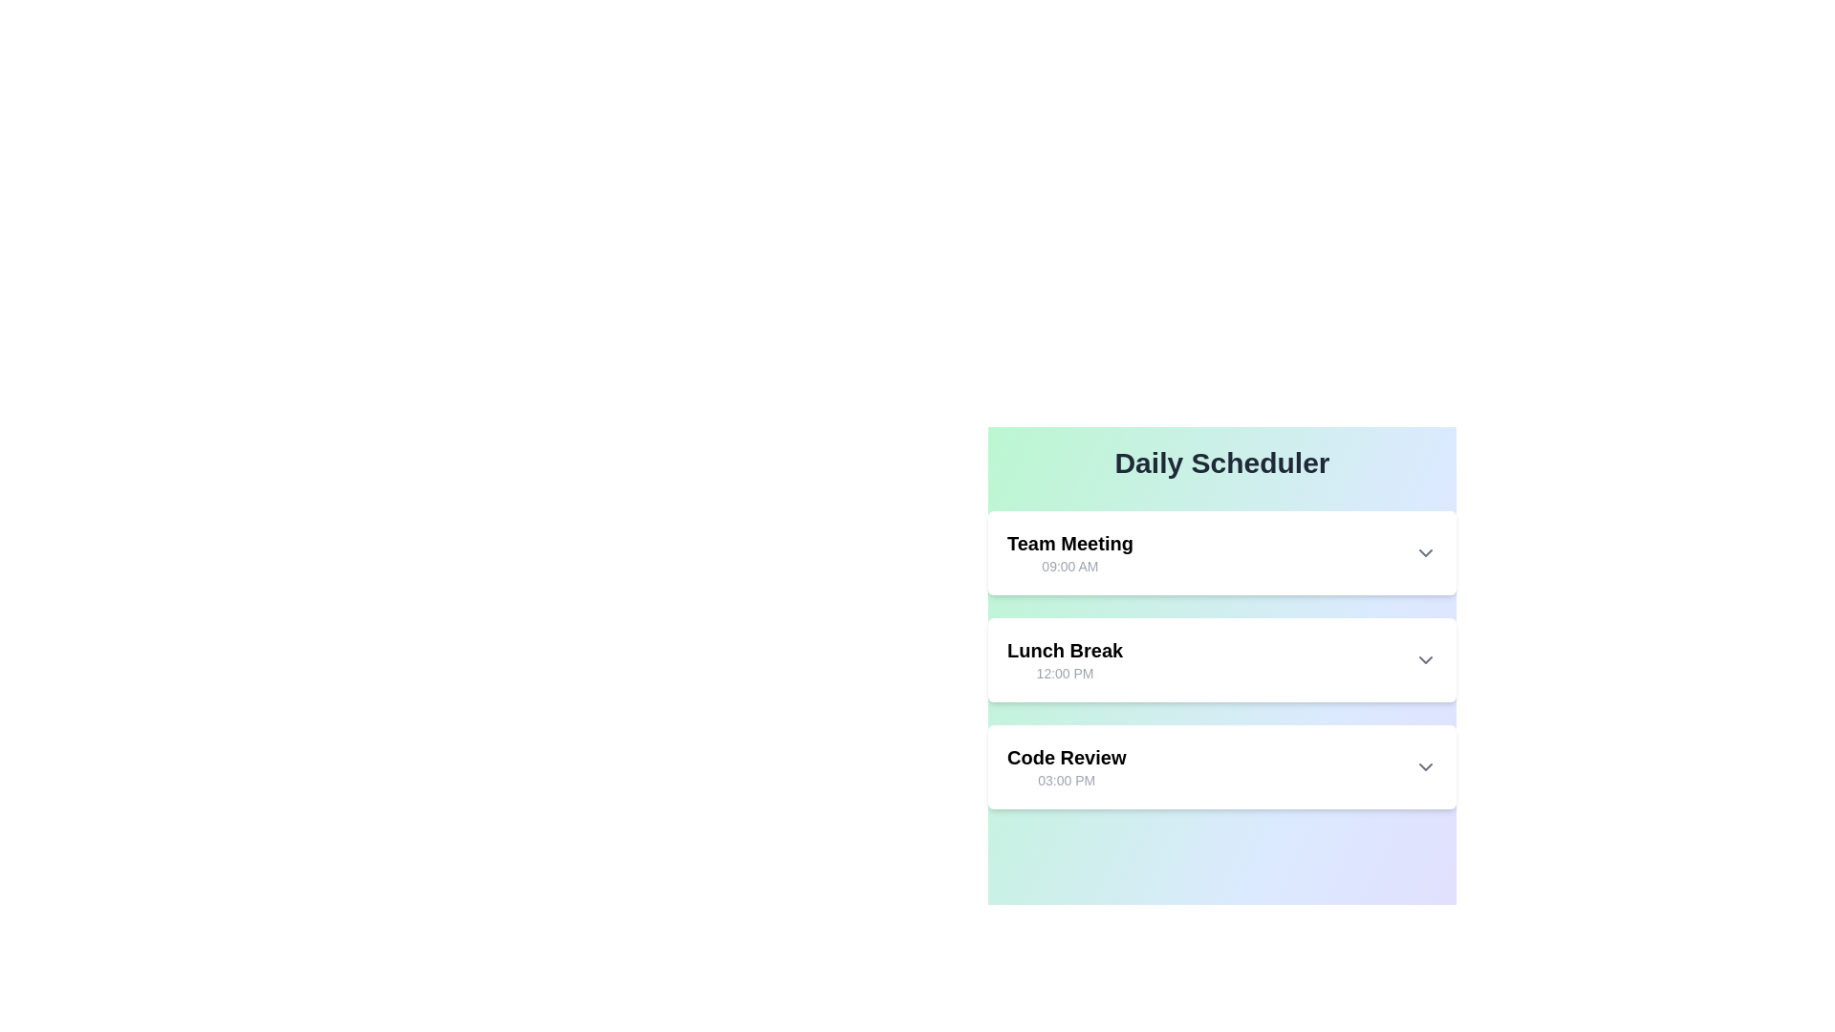  Describe the element at coordinates (1426, 765) in the screenshot. I see `the downward-facing chevron arrow icon located to the far-right of the 'Code Review' section in the 'Daily Scheduler' interface` at that location.